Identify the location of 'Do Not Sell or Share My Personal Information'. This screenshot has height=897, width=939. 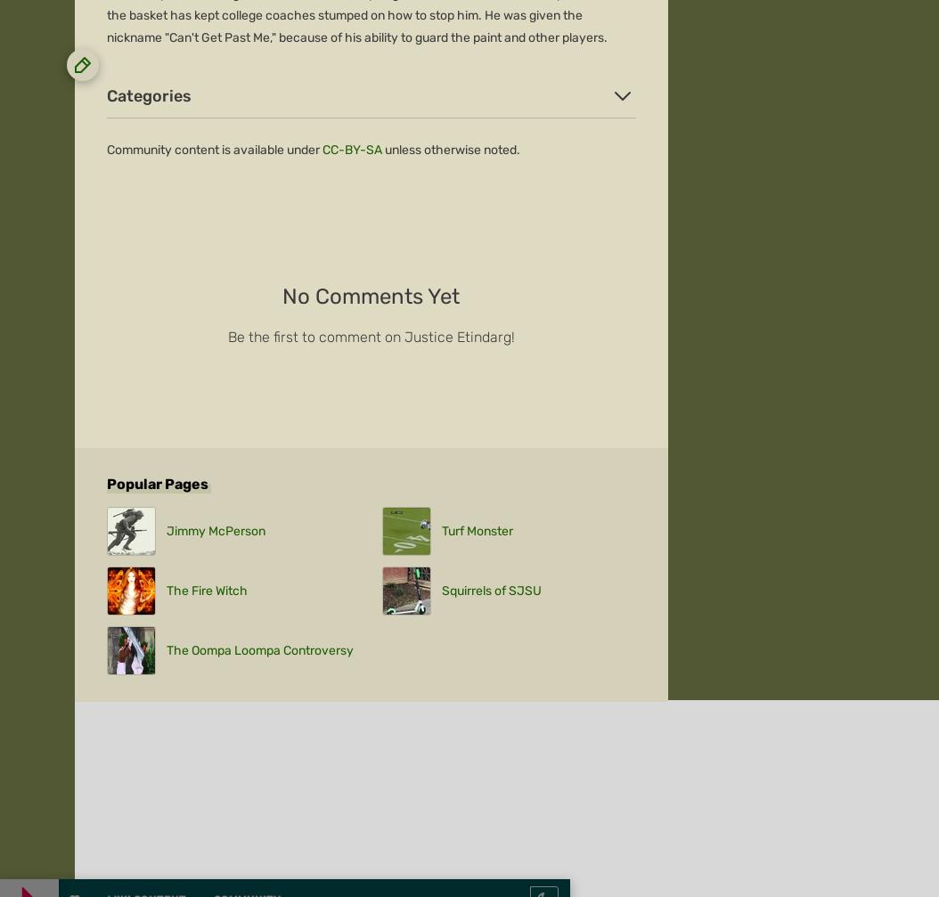
(511, 453).